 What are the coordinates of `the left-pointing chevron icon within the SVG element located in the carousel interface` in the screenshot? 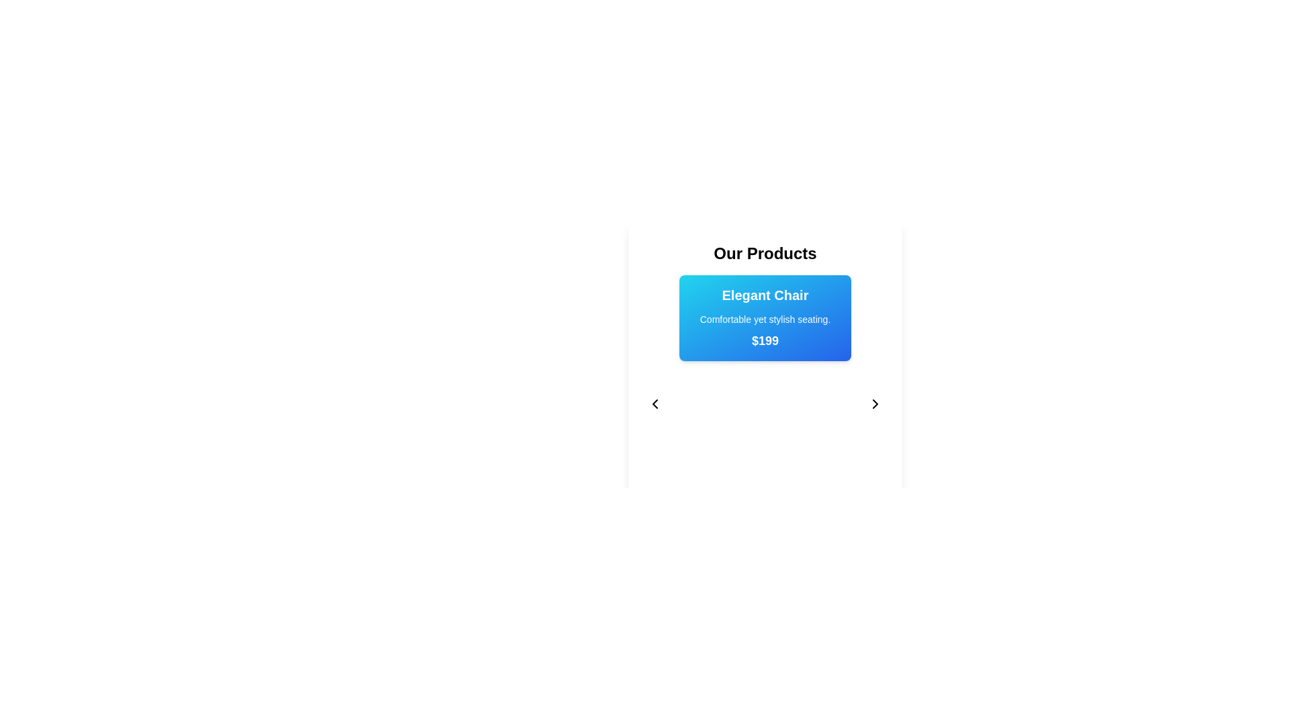 It's located at (655, 403).